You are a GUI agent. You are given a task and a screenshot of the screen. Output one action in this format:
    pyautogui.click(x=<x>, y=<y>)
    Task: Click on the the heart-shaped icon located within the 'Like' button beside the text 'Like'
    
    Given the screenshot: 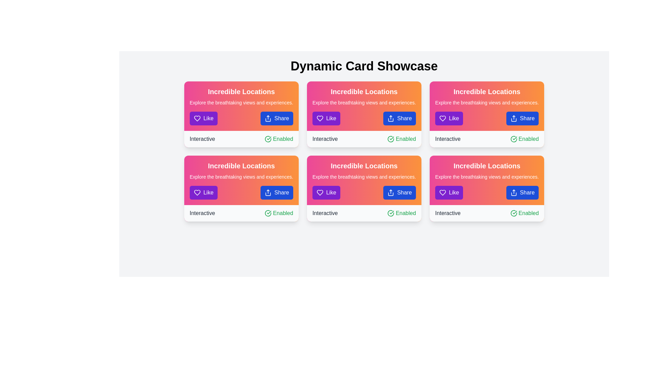 What is the action you would take?
    pyautogui.click(x=443, y=118)
    